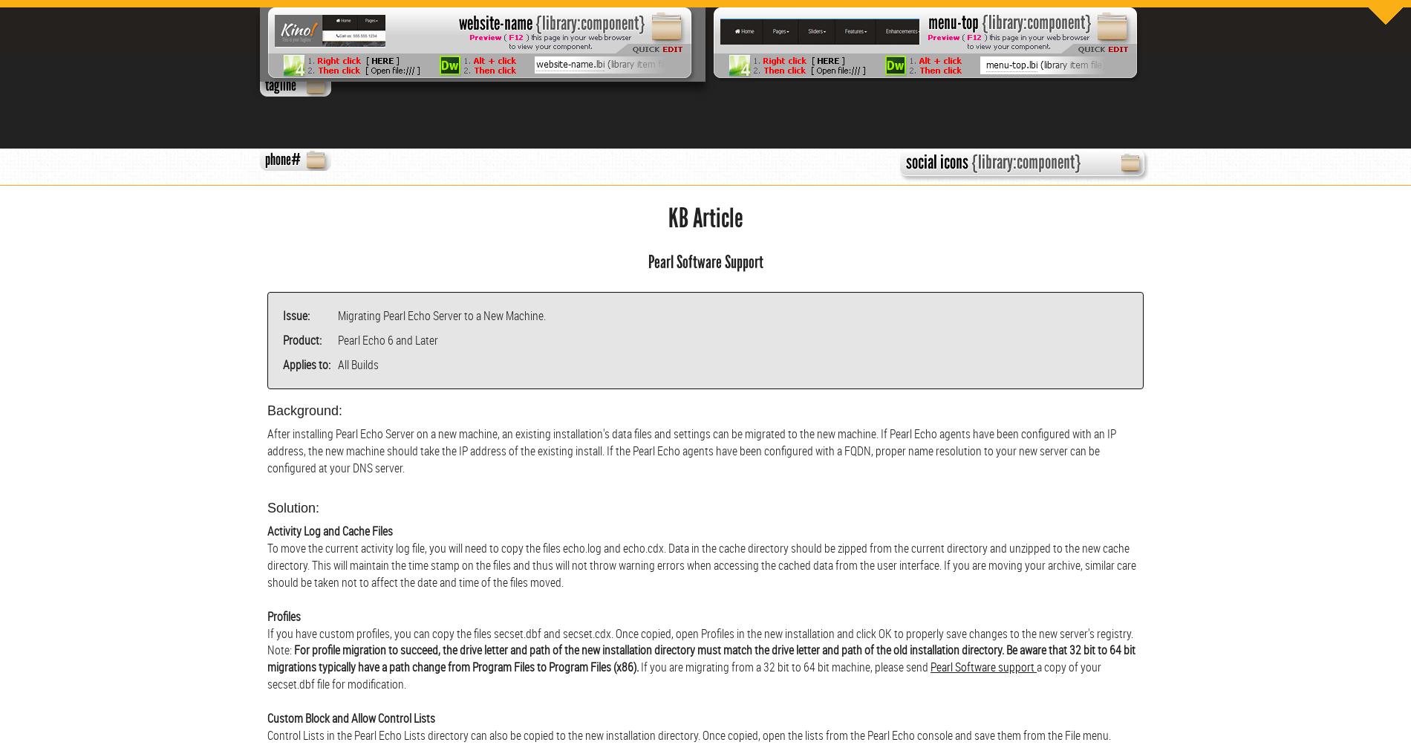 This screenshot has width=1411, height=748. Describe the element at coordinates (700, 657) in the screenshot. I see `'For profile migration to succeed, the drive letter and path of the new installation directory must match the drive letter and path of the old installation directory. Be aware that 32 bit to 64 bit migrations typically have a path change from Program Files to Program Files (x86).'` at that location.